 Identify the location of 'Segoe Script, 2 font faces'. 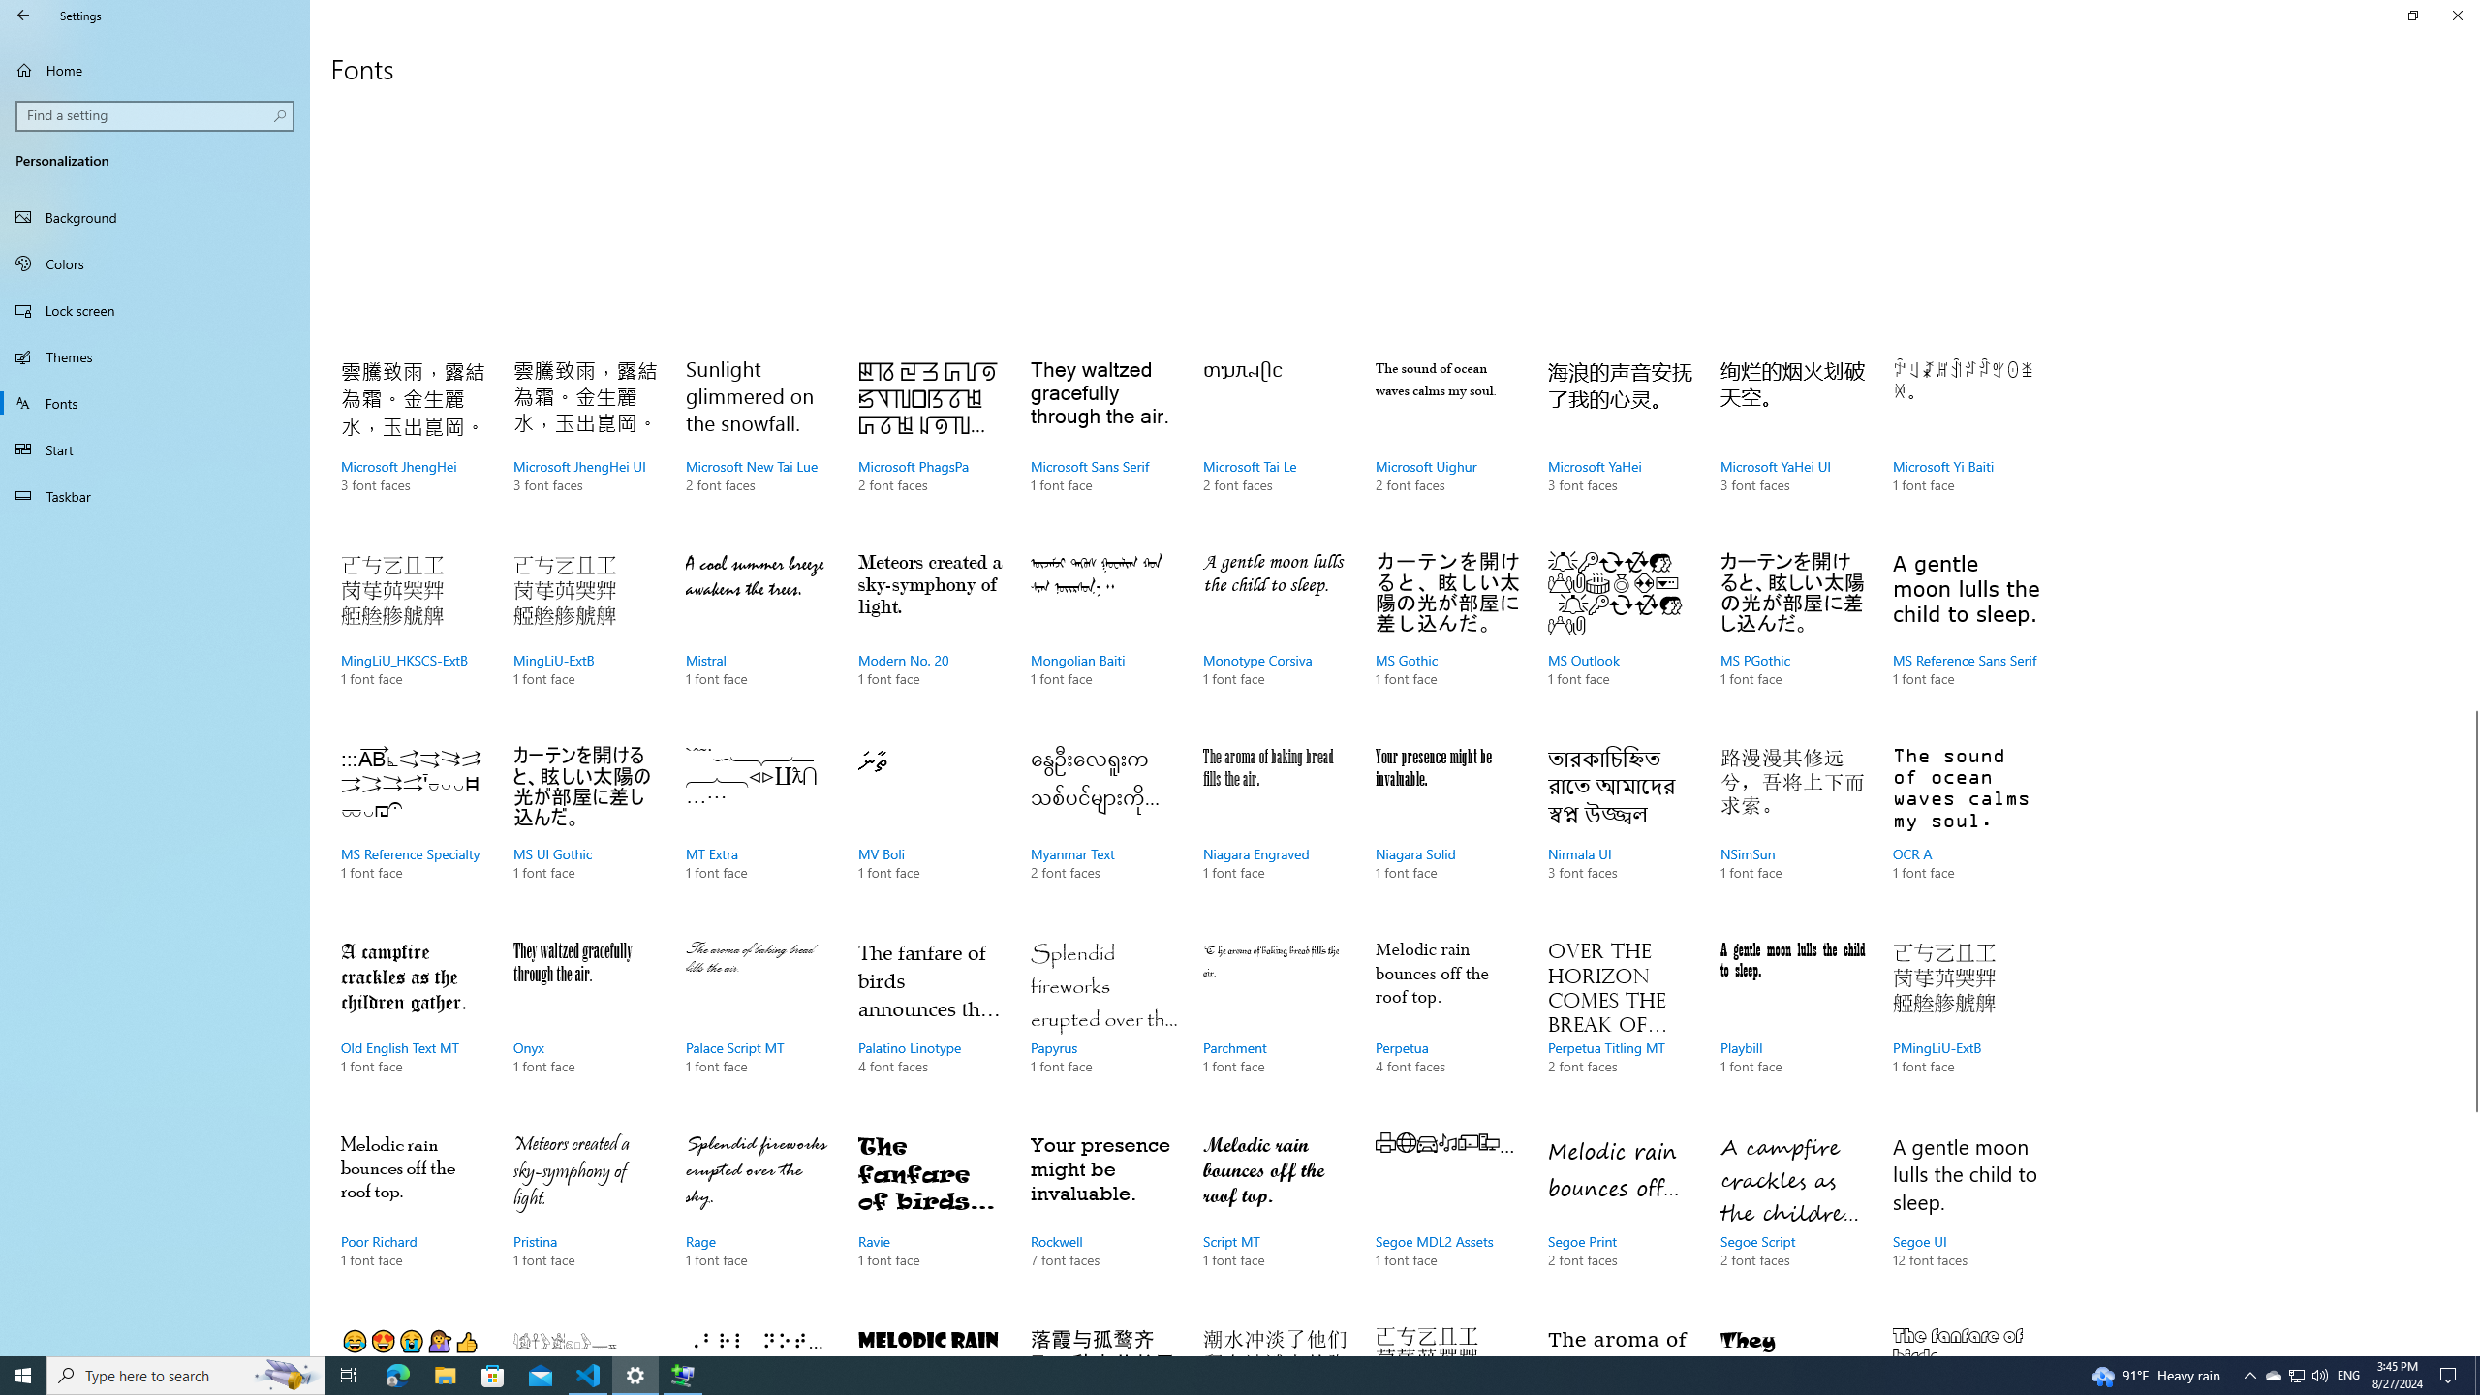
(1792, 1221).